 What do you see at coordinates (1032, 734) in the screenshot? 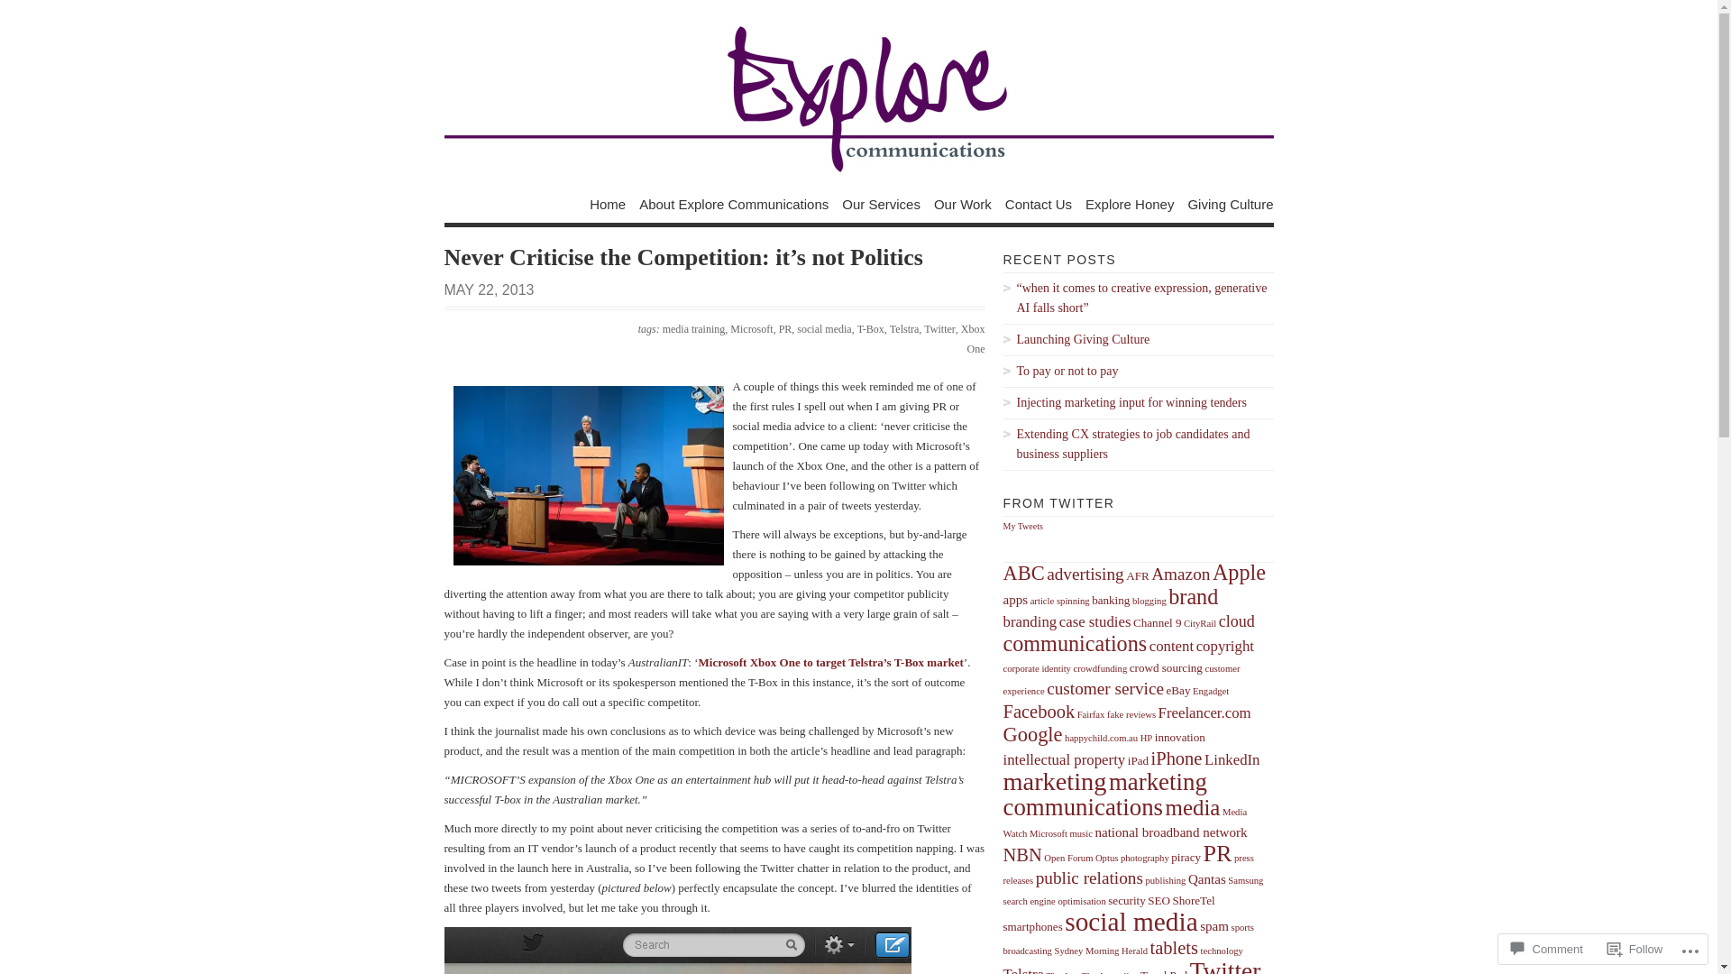
I see `'Google'` at bounding box center [1032, 734].